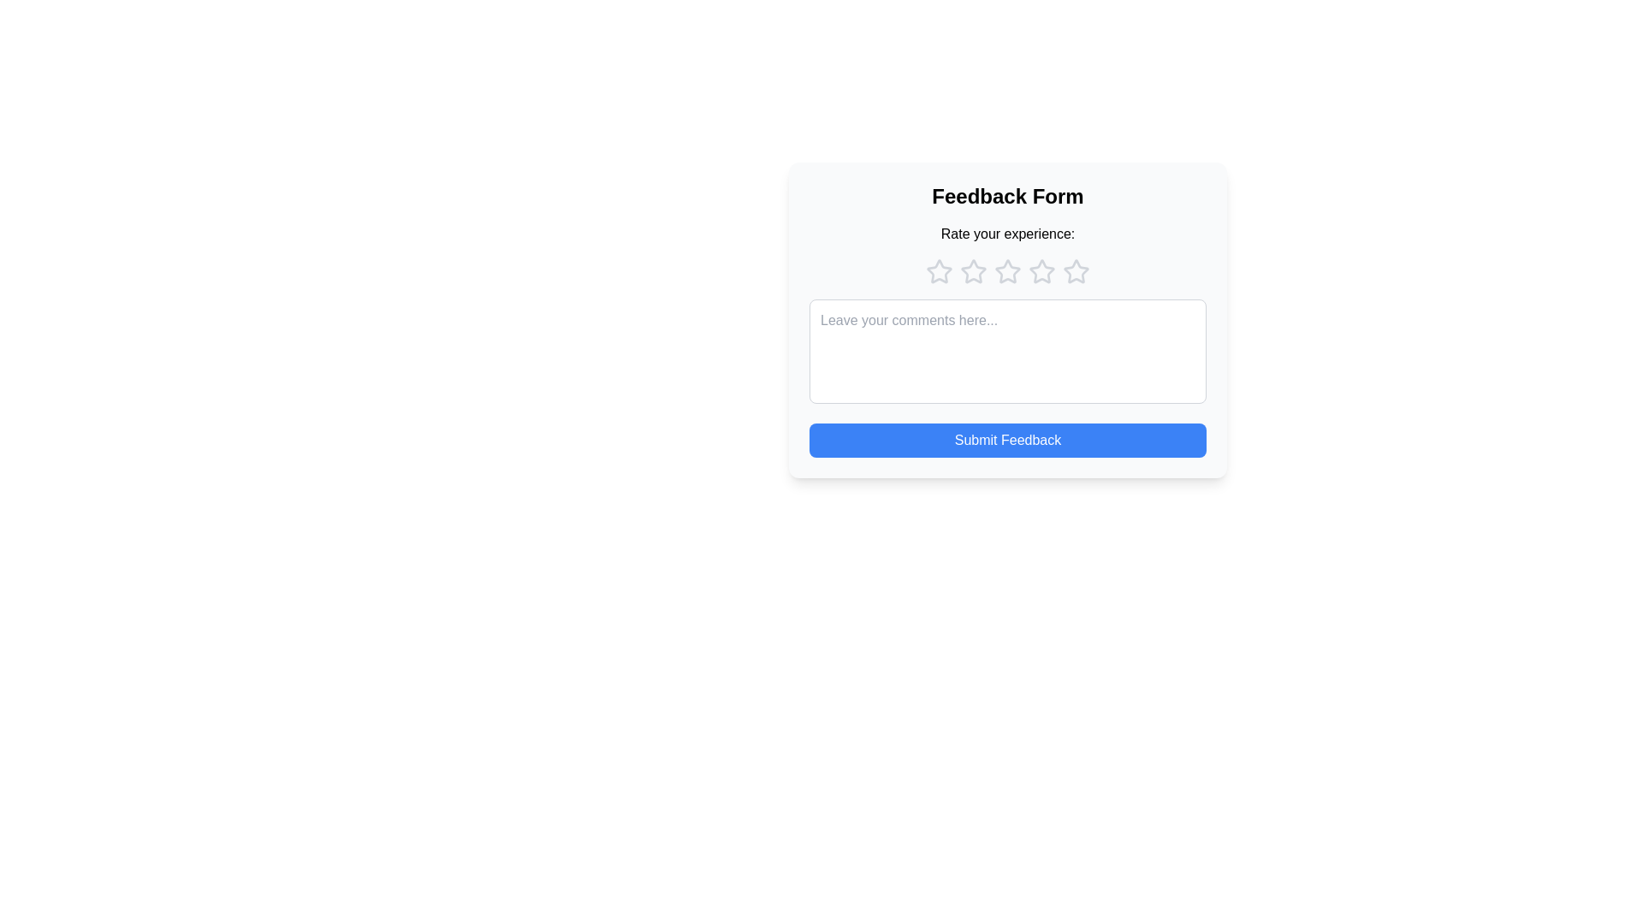  I want to click on the first hollow star icon in the rating section of the feedback form, so click(939, 270).